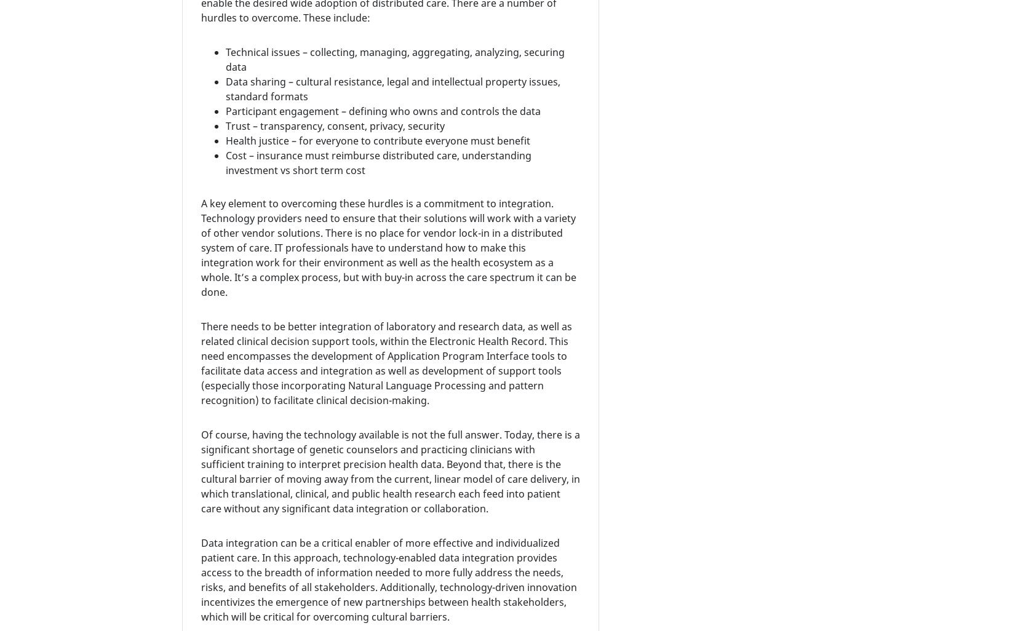  Describe the element at coordinates (334, 124) in the screenshot. I see `'Trust – transparency, consent, privacy, security'` at that location.